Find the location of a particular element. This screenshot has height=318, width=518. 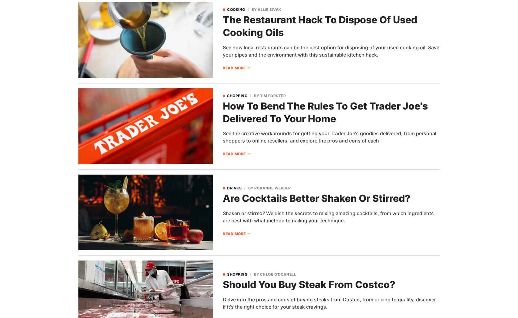

'The Restaurant Hack To Dispose Of Used Cooking Oils' is located at coordinates (320, 26).